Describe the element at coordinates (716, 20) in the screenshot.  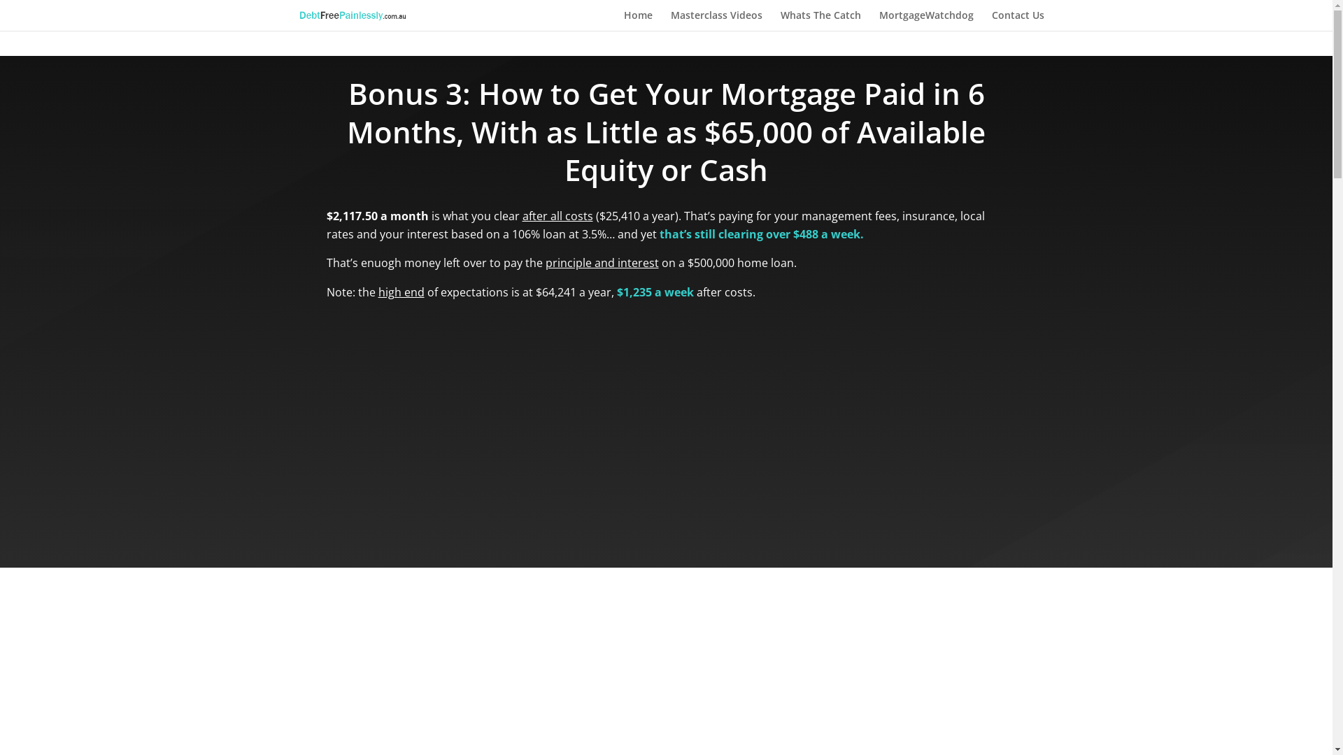
I see `'Masterclass Videos'` at that location.